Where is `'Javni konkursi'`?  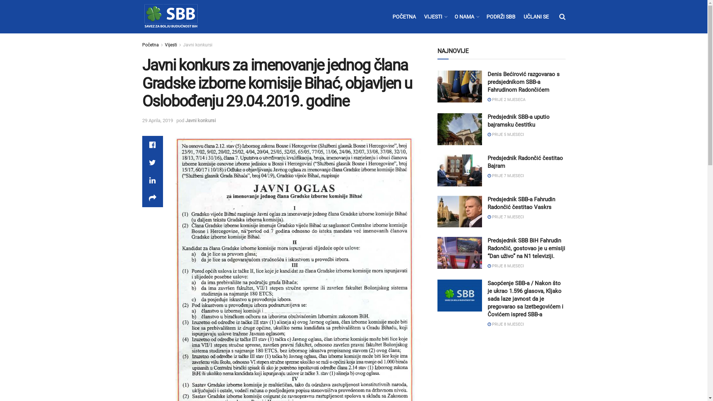 'Javni konkursi' is located at coordinates (200, 120).